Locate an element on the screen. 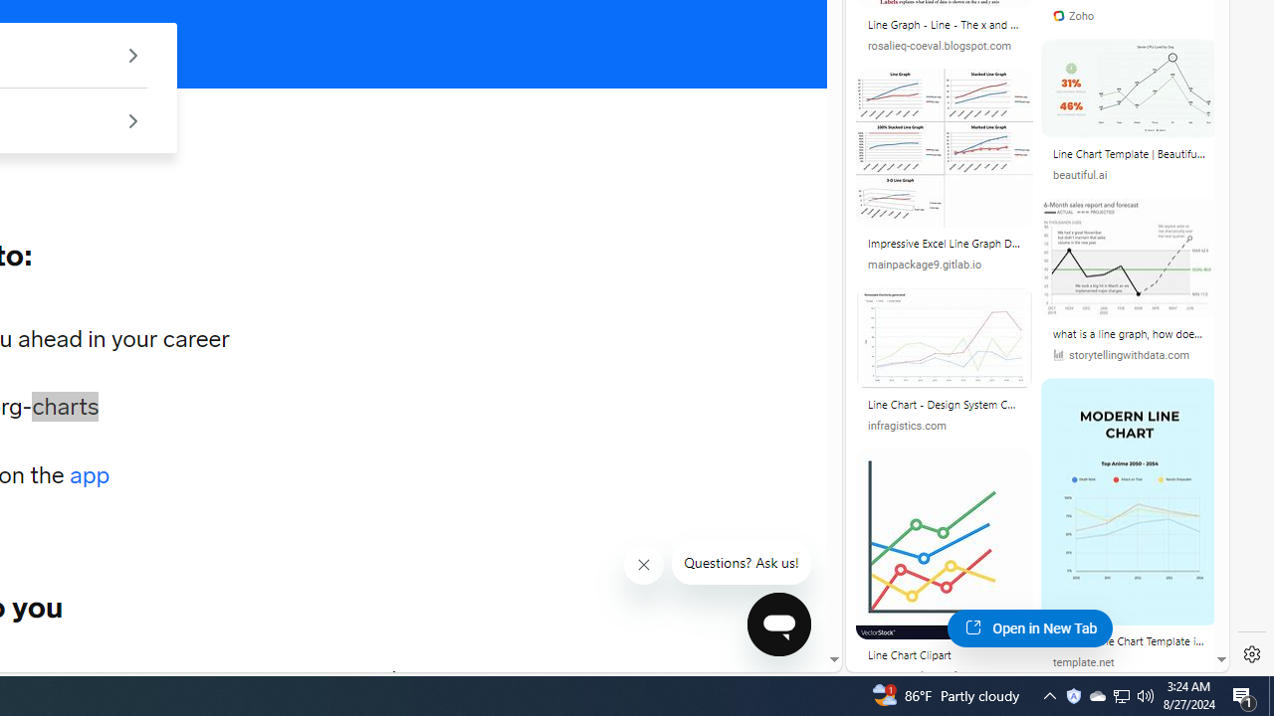 This screenshot has width=1274, height=716. 'Questions? Ask us!' is located at coordinates (741, 563).